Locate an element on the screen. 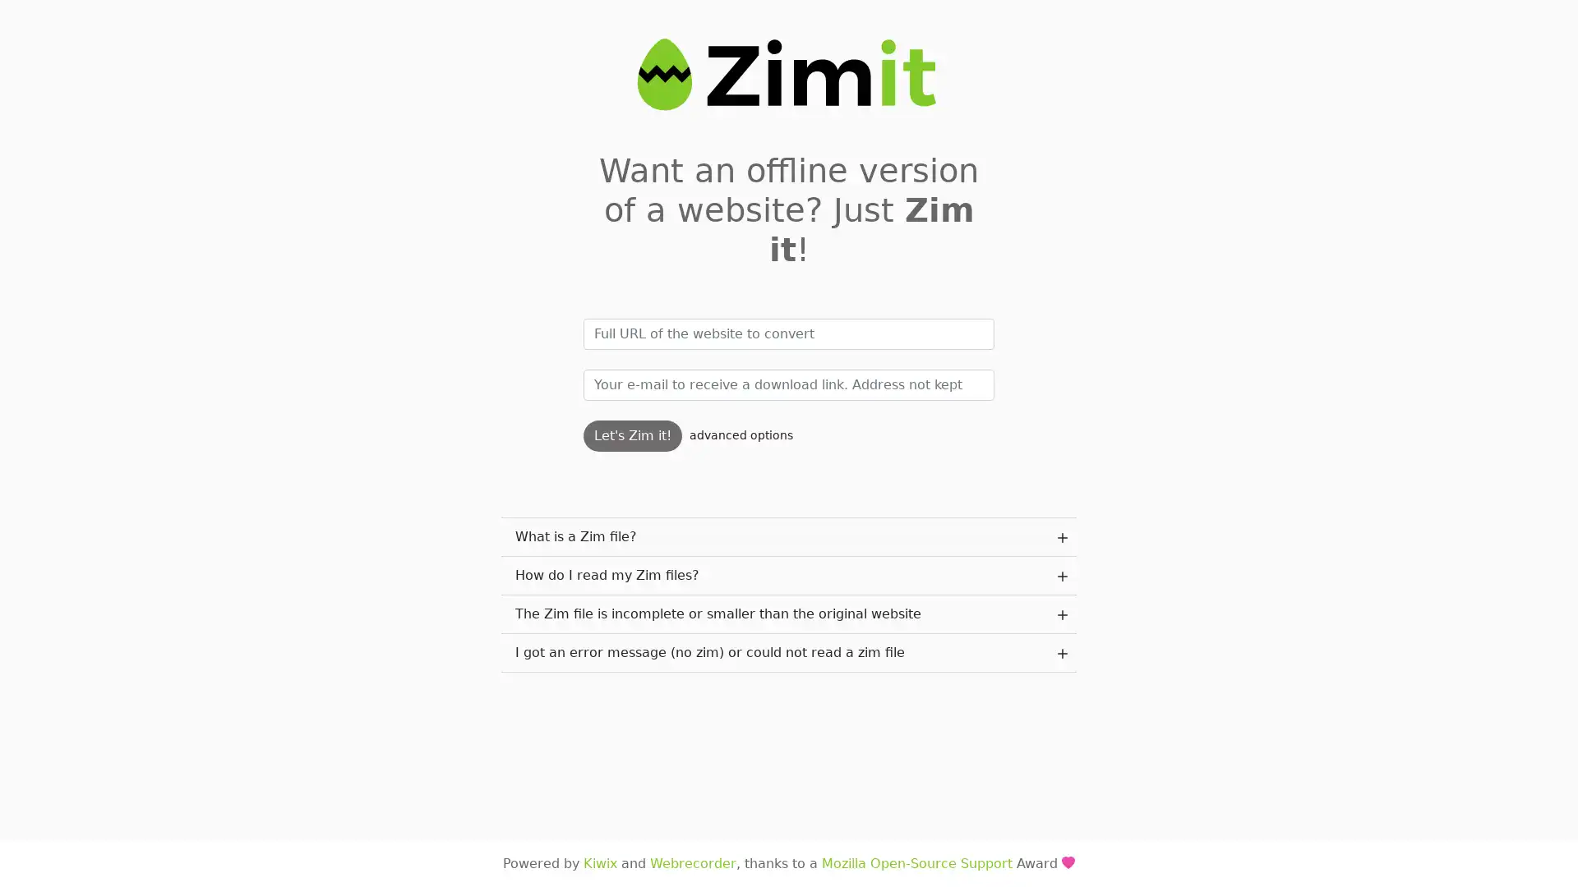  What is a Zim file? plus is located at coordinates (789, 535).